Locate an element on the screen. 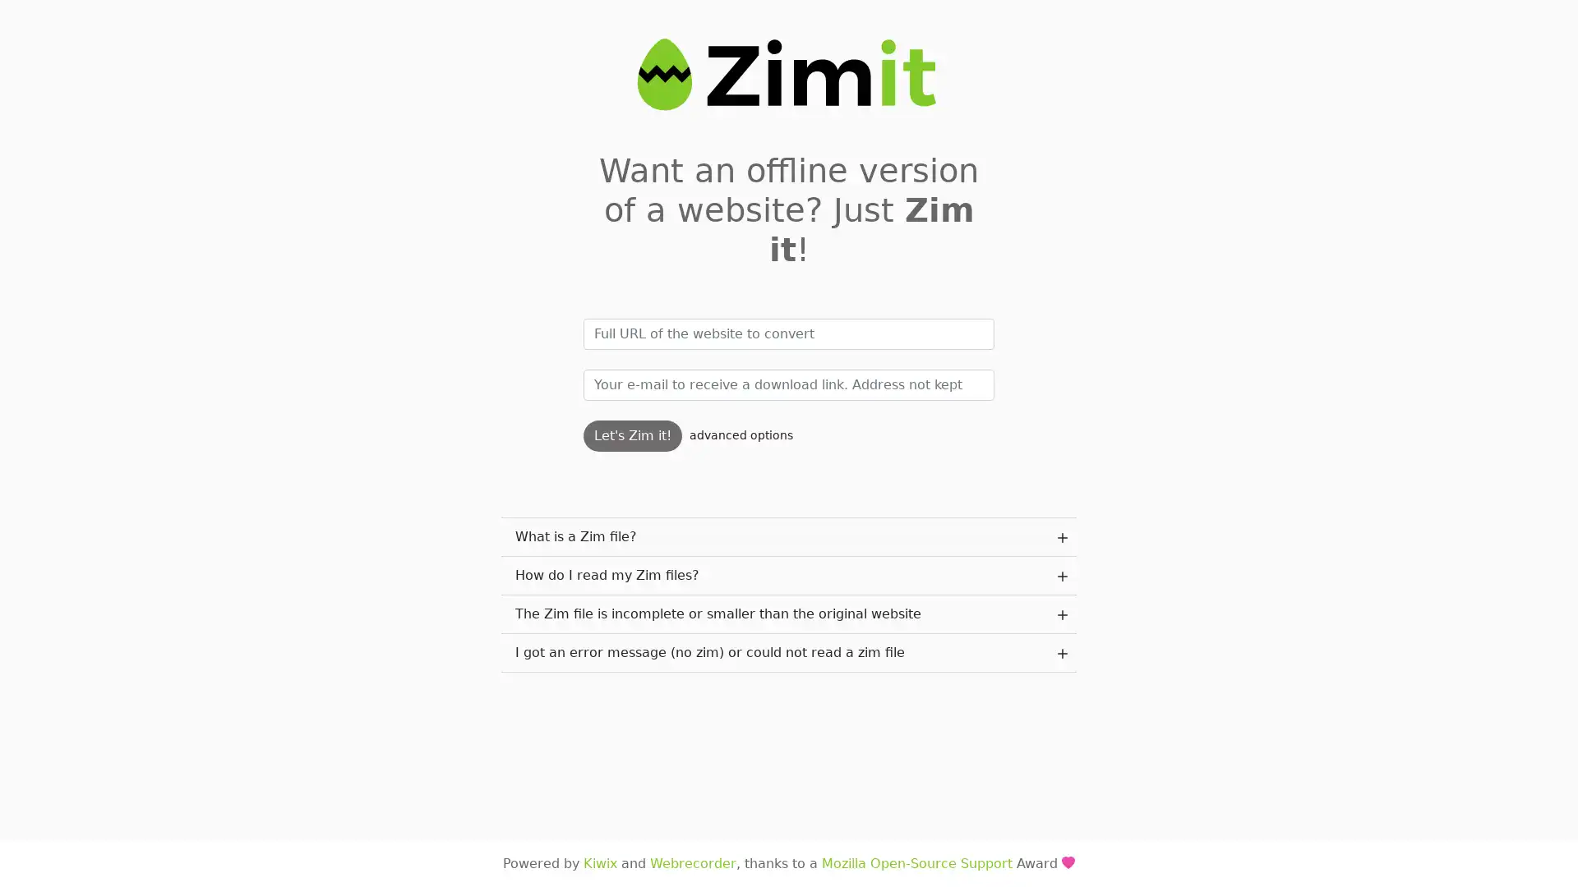  What is a Zim file? plus is located at coordinates (789, 535).